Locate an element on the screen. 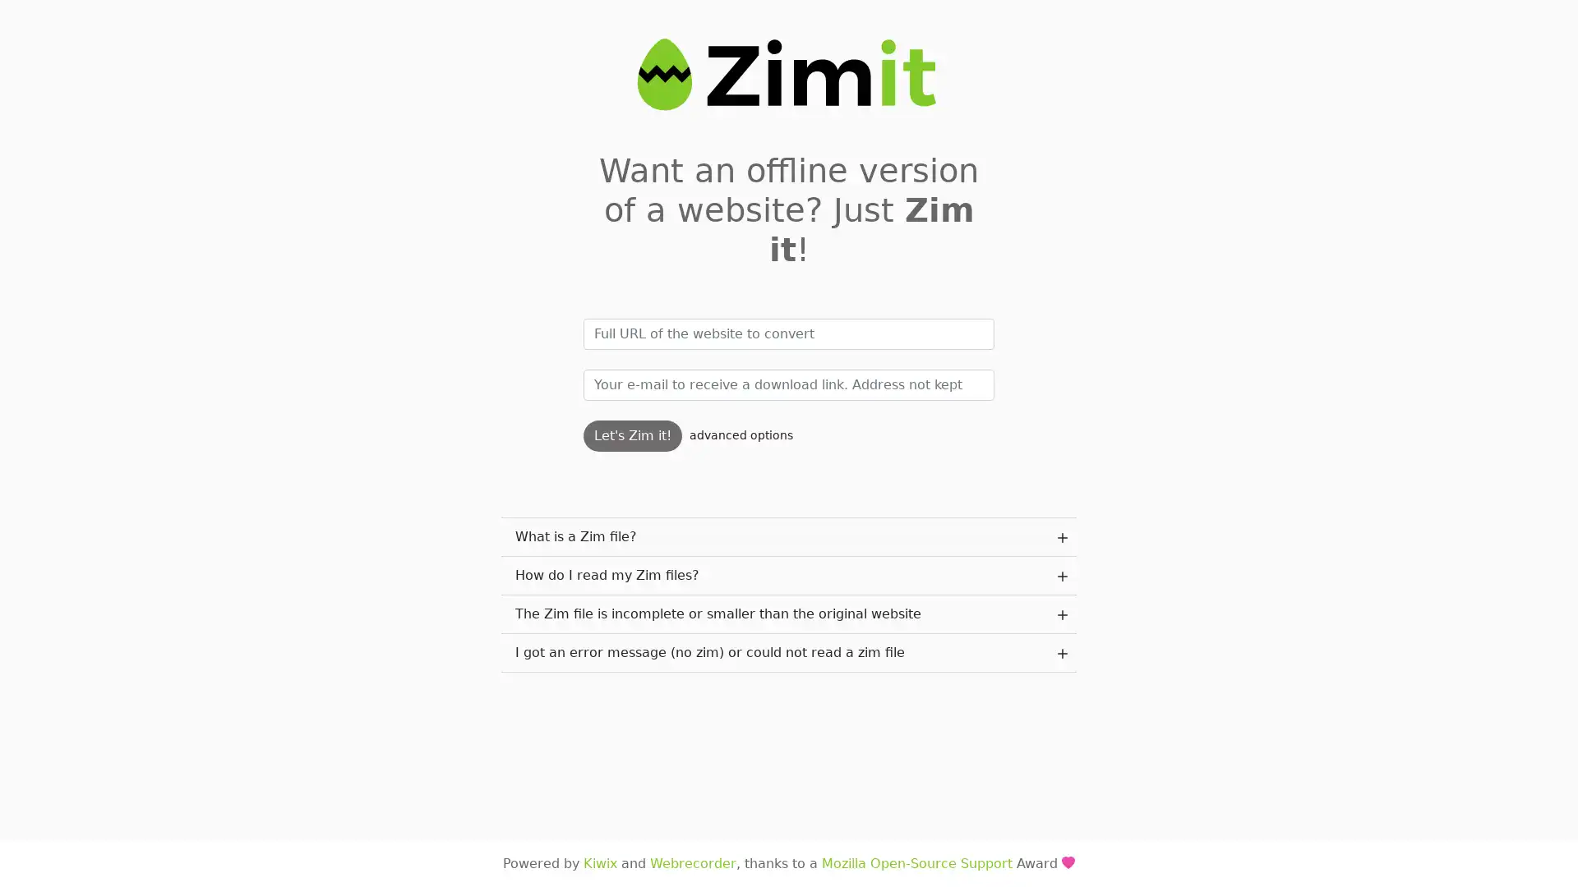  What is a Zim file? plus is located at coordinates (789, 535).